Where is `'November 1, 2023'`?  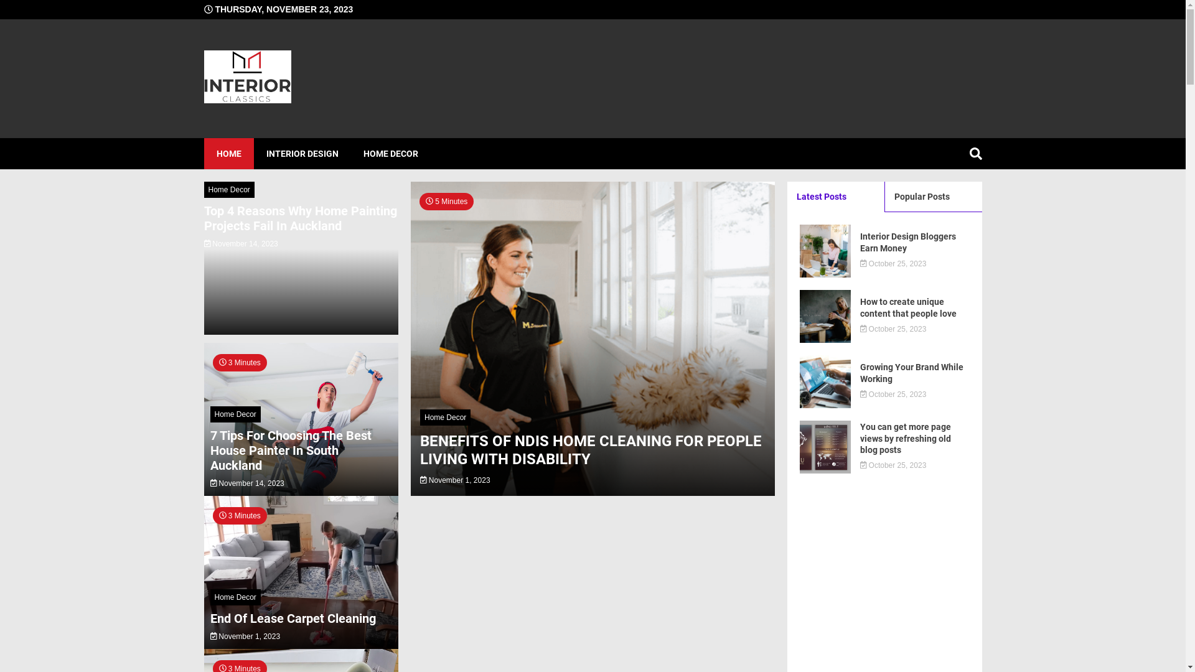
'November 1, 2023' is located at coordinates (455, 479).